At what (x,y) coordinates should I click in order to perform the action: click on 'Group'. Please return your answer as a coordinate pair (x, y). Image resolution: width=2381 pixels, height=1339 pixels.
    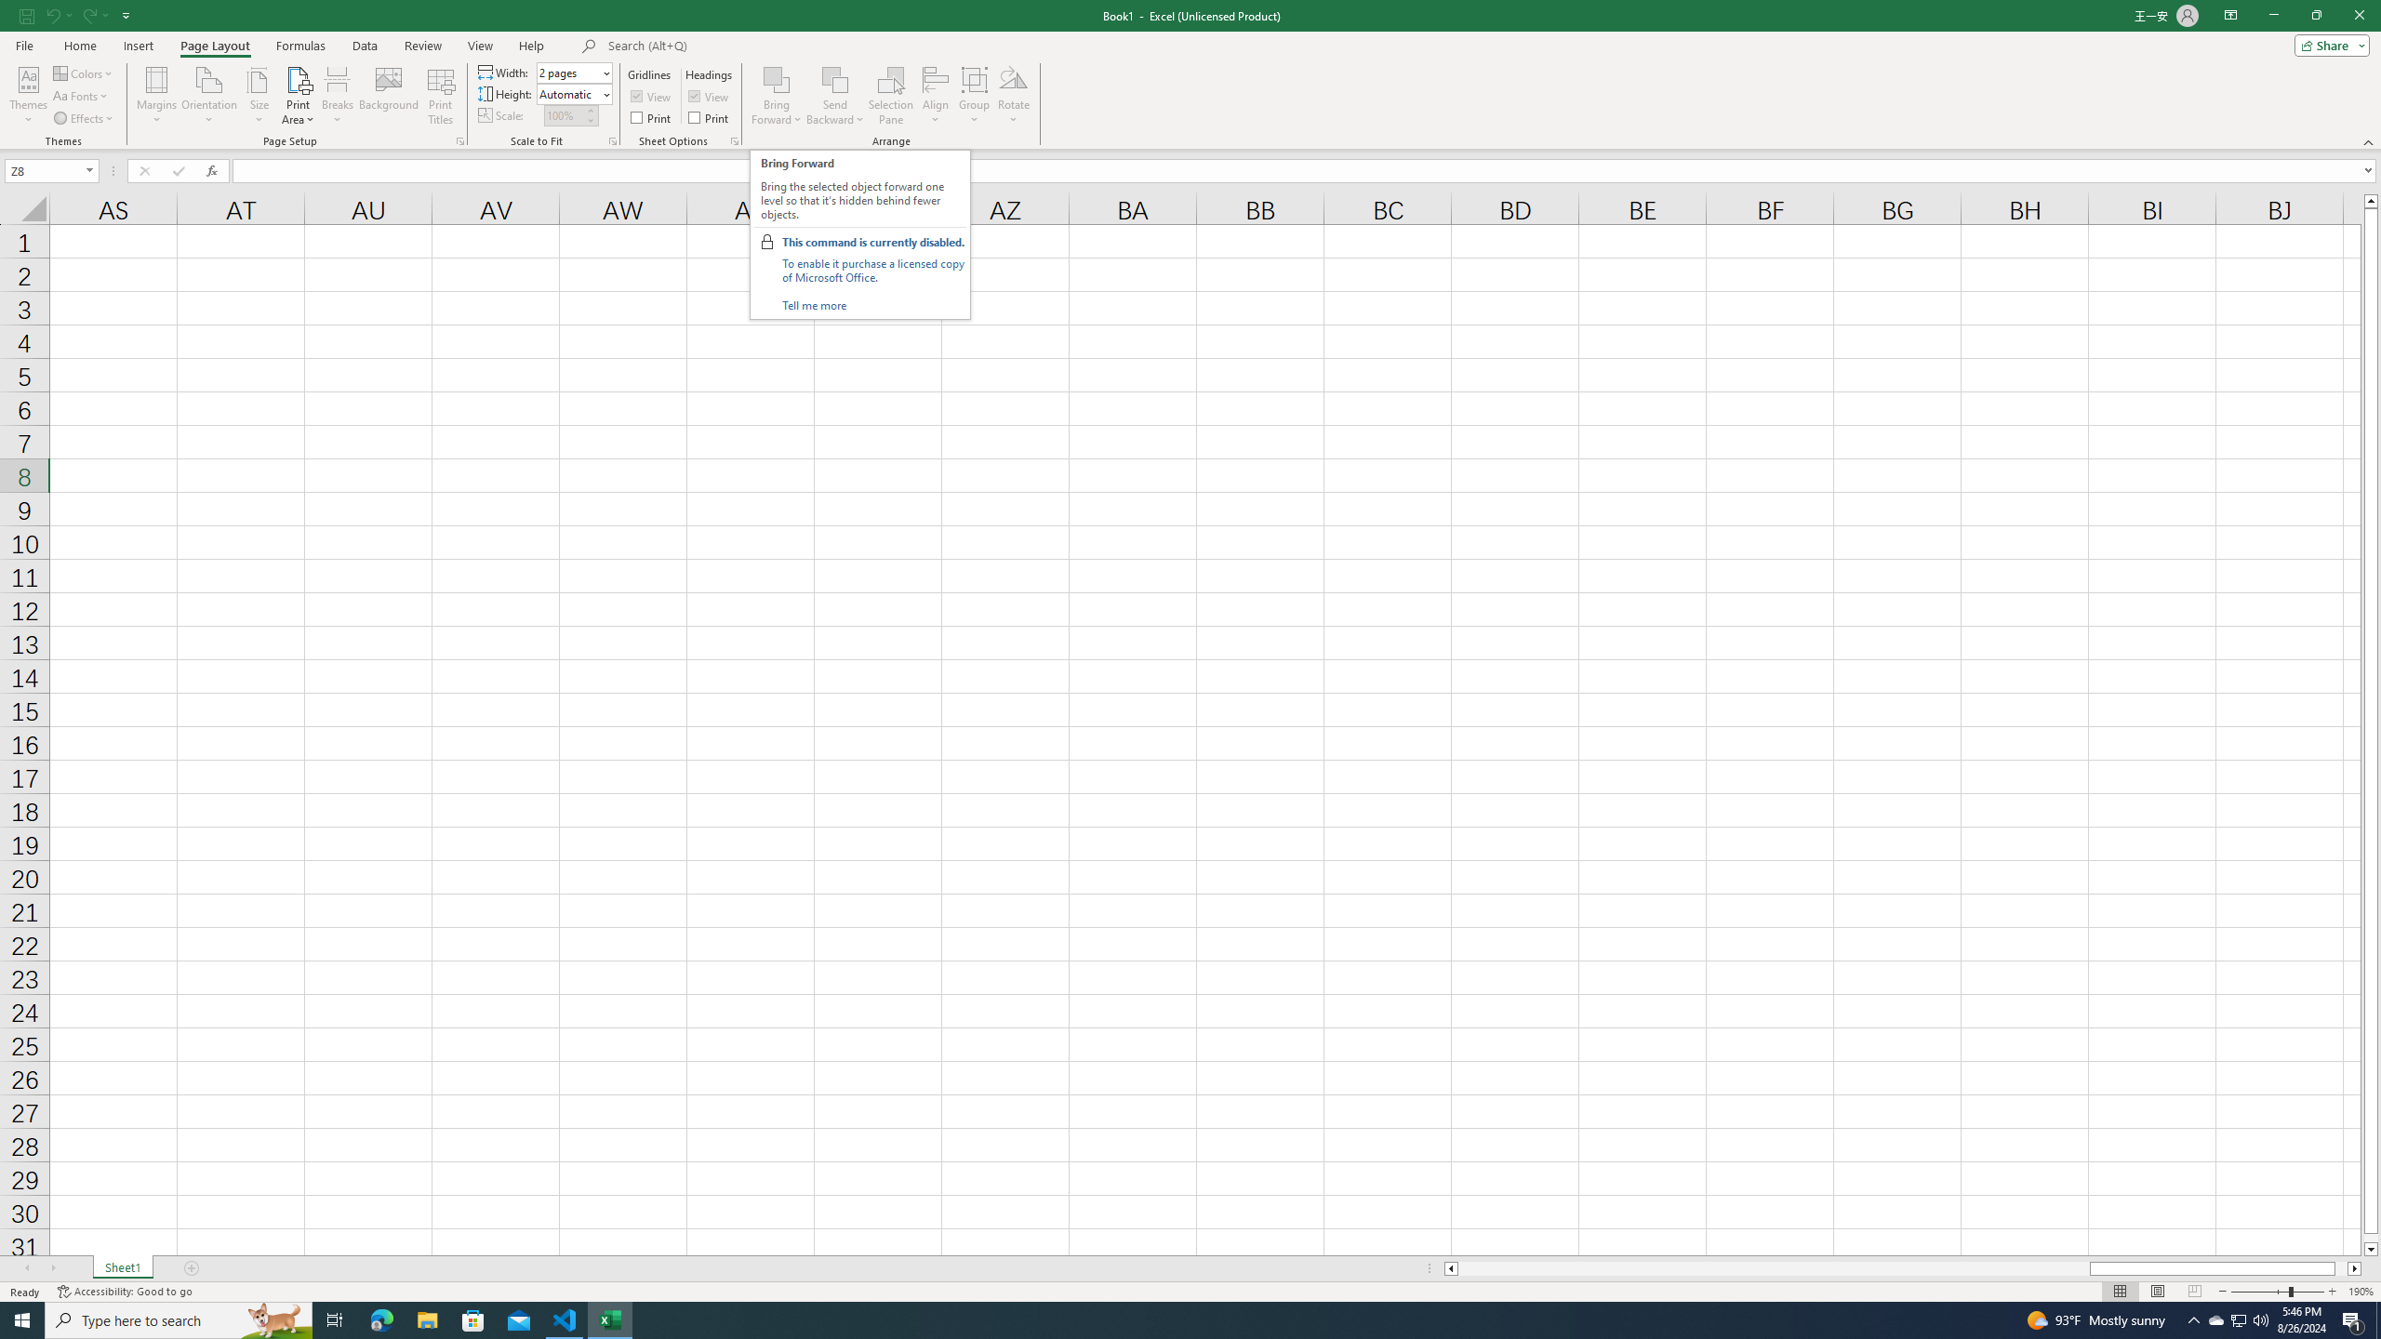
    Looking at the image, I should click on (974, 96).